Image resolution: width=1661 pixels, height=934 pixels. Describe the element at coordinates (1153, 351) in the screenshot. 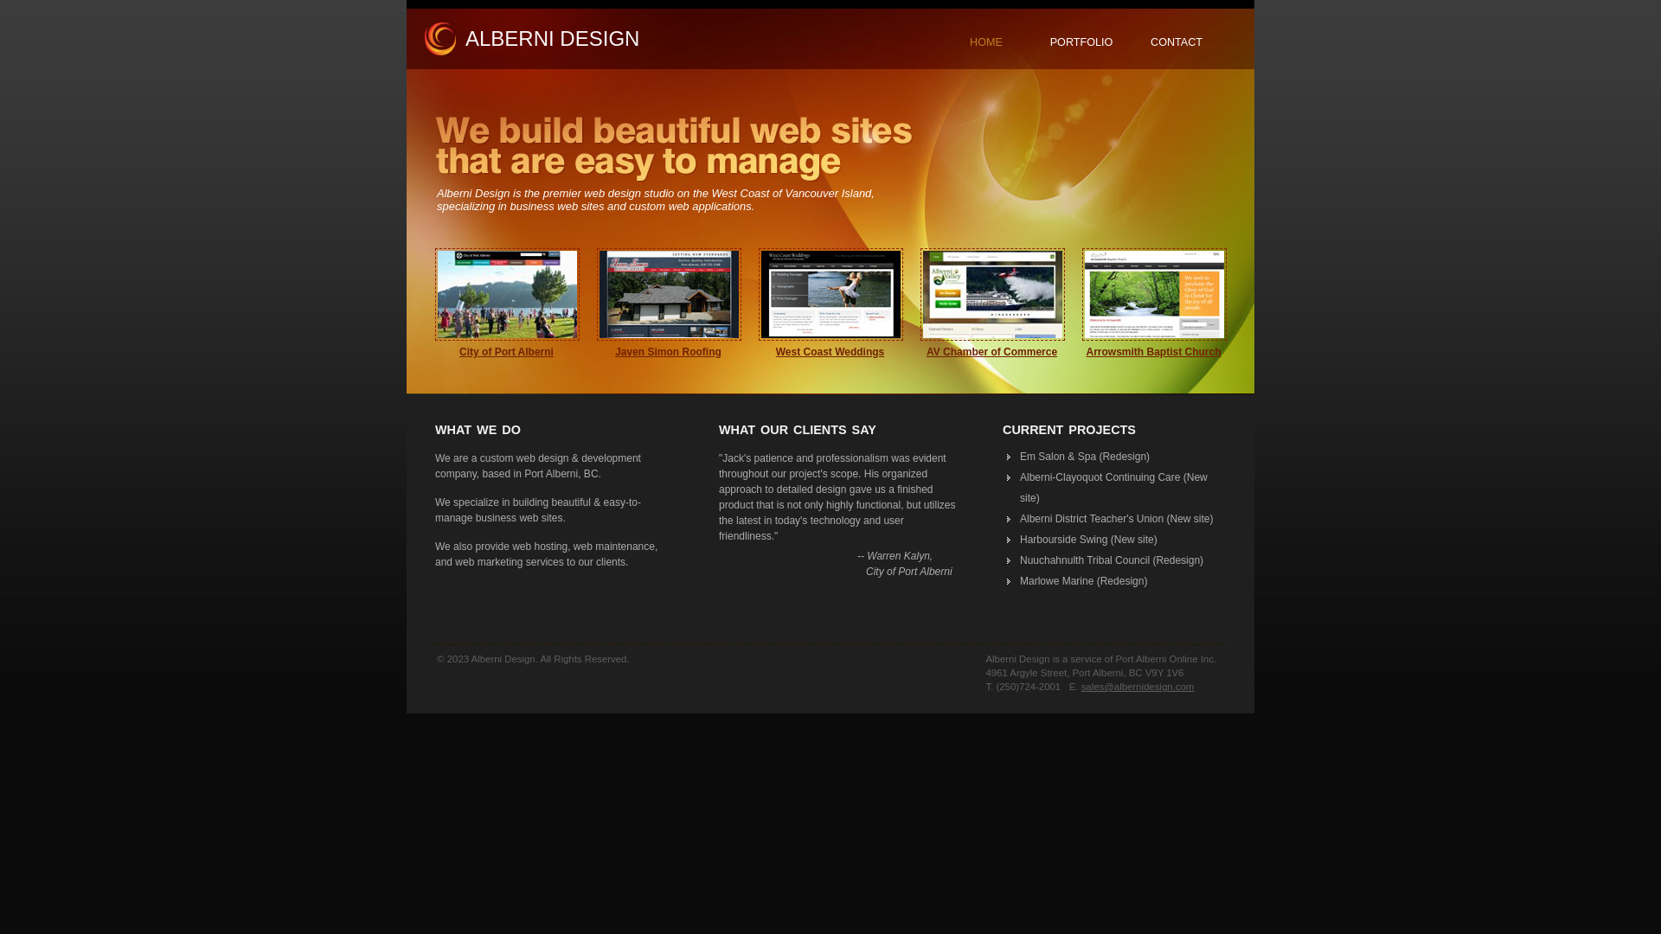

I see `'Arrowsmith Baptist Church'` at that location.